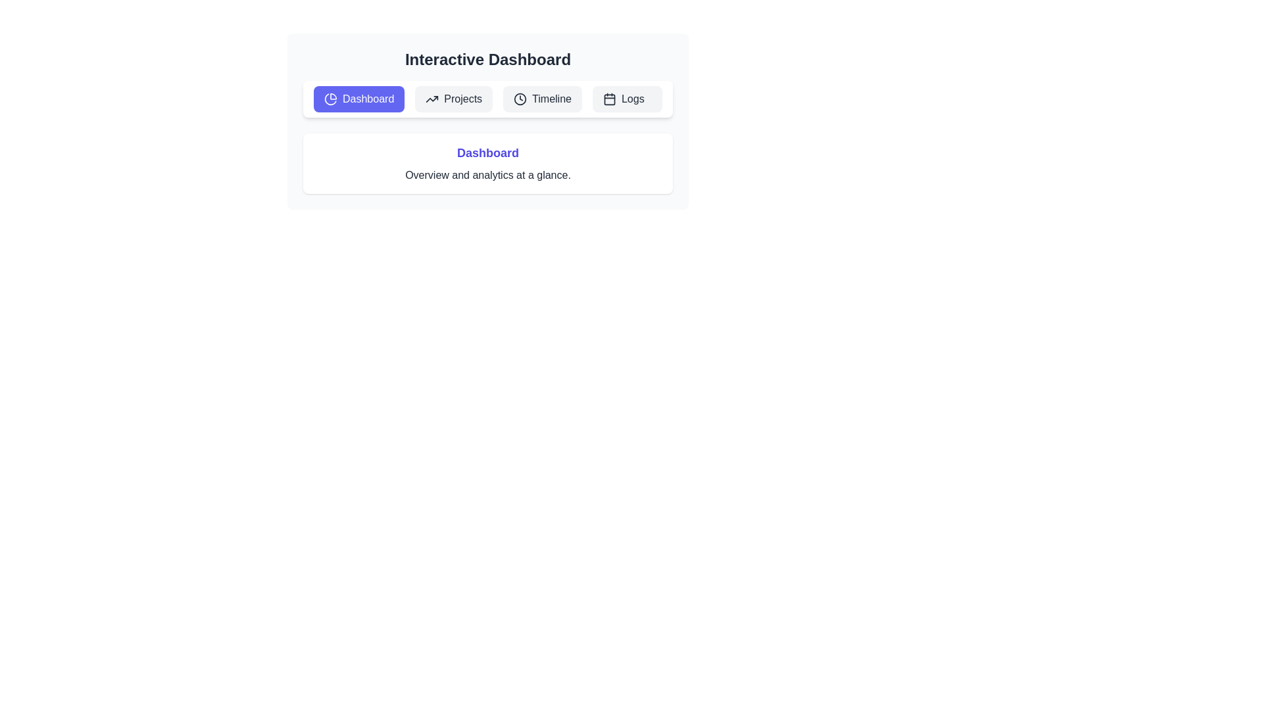 Image resolution: width=1263 pixels, height=710 pixels. Describe the element at coordinates (487, 98) in the screenshot. I see `the tab navigation bar` at that location.